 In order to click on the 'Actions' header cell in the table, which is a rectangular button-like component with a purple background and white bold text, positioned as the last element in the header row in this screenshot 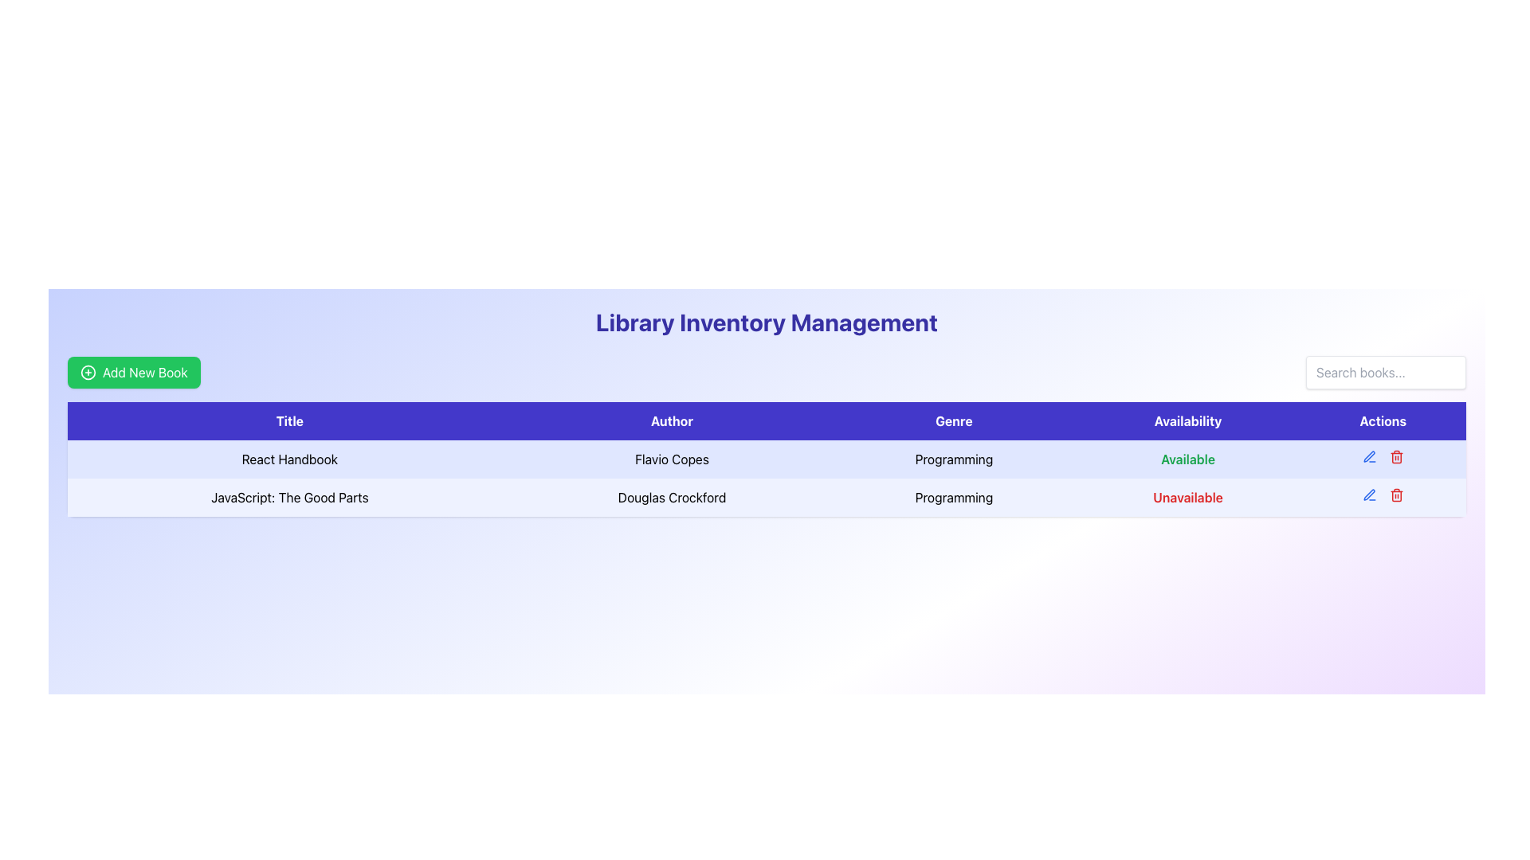, I will do `click(1382, 420)`.